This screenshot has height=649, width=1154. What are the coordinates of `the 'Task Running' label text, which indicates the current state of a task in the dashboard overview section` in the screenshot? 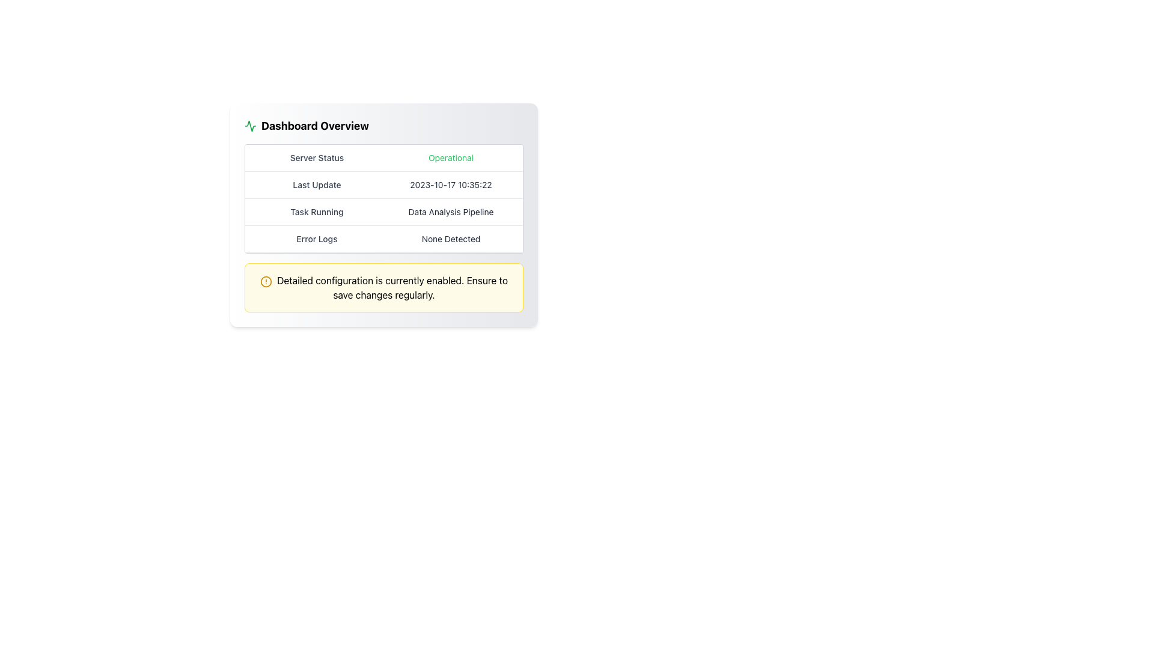 It's located at (317, 212).